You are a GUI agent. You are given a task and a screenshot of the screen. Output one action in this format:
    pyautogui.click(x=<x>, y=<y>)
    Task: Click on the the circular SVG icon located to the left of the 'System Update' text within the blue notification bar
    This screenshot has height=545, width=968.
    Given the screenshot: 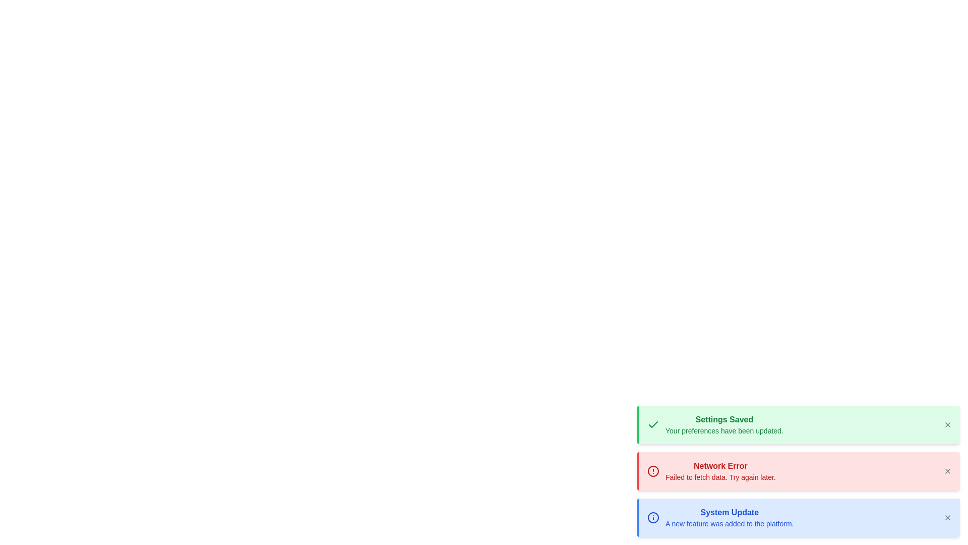 What is the action you would take?
    pyautogui.click(x=653, y=518)
    